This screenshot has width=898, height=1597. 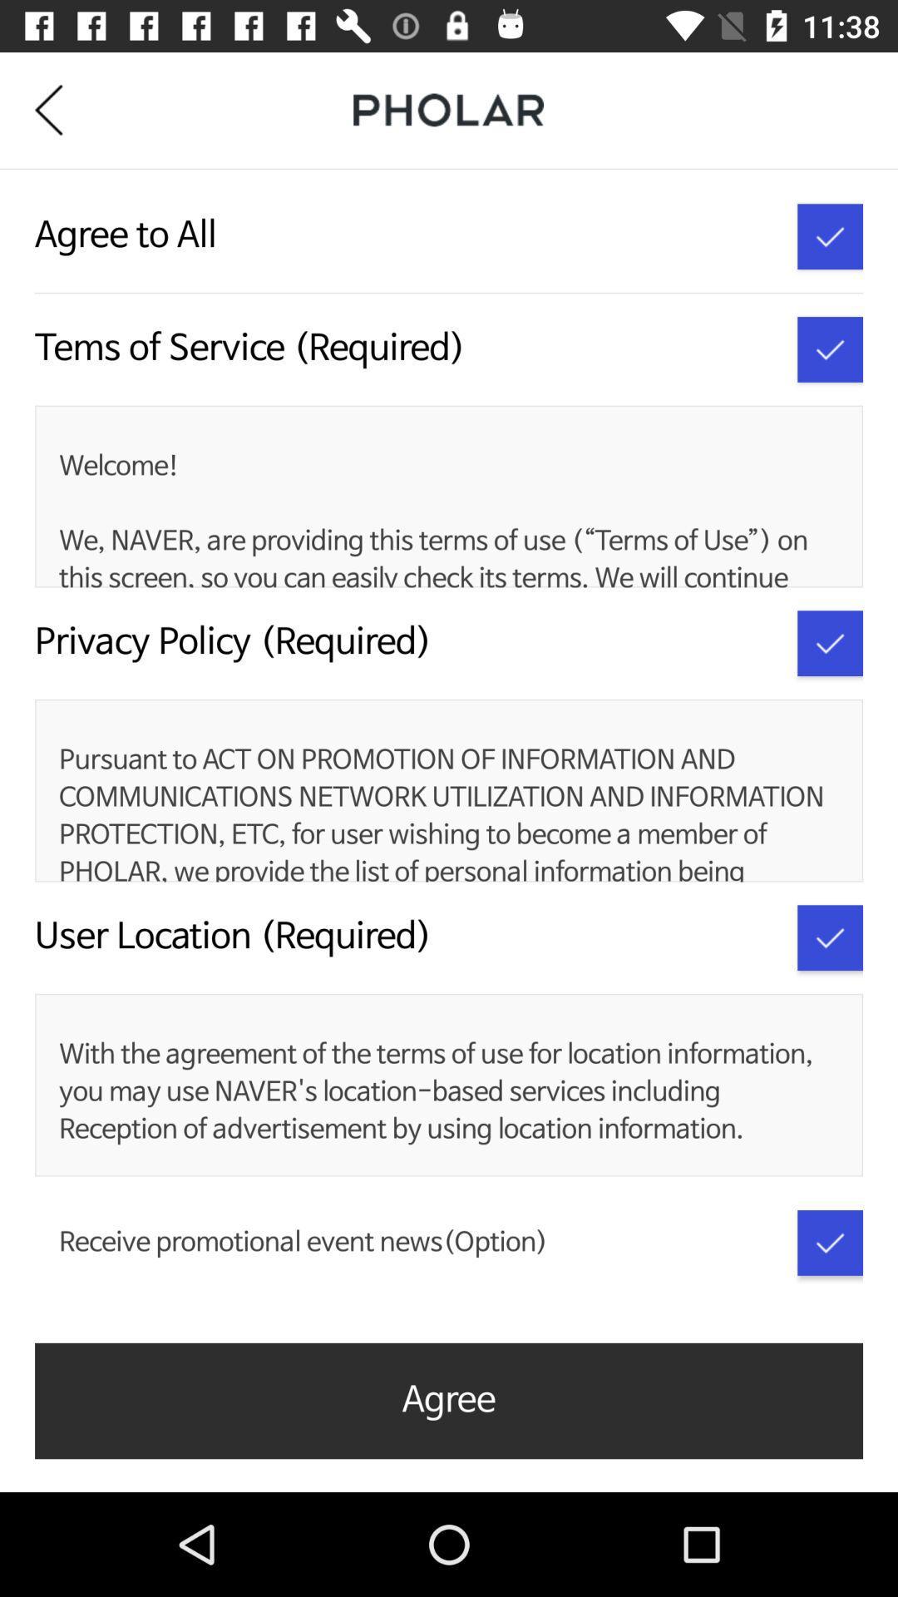 What do you see at coordinates (830, 1243) in the screenshot?
I see `promotional notifications` at bounding box center [830, 1243].